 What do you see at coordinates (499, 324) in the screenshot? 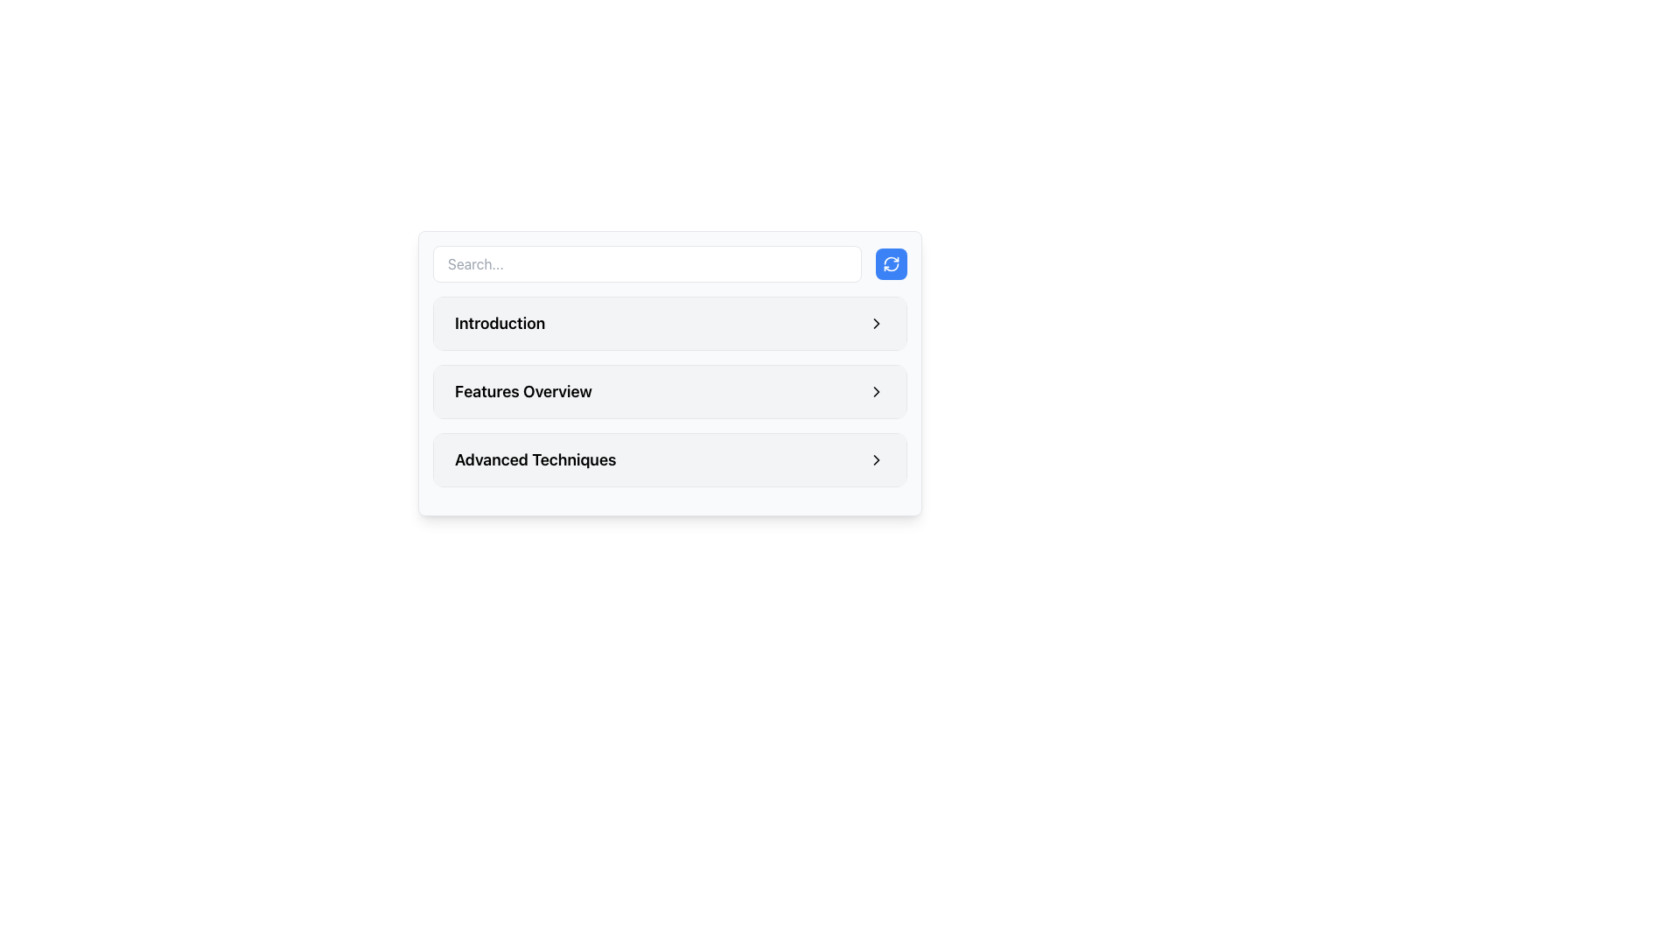
I see `the 'Introduction' text label, which is a bold black font label aligned to the left in the first row under the search box` at bounding box center [499, 324].